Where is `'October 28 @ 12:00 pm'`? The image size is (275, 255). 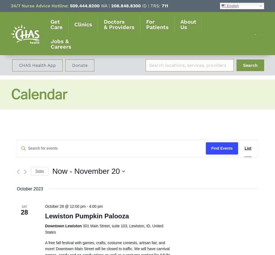 'October 28 @ 12:00 pm' is located at coordinates (65, 206).